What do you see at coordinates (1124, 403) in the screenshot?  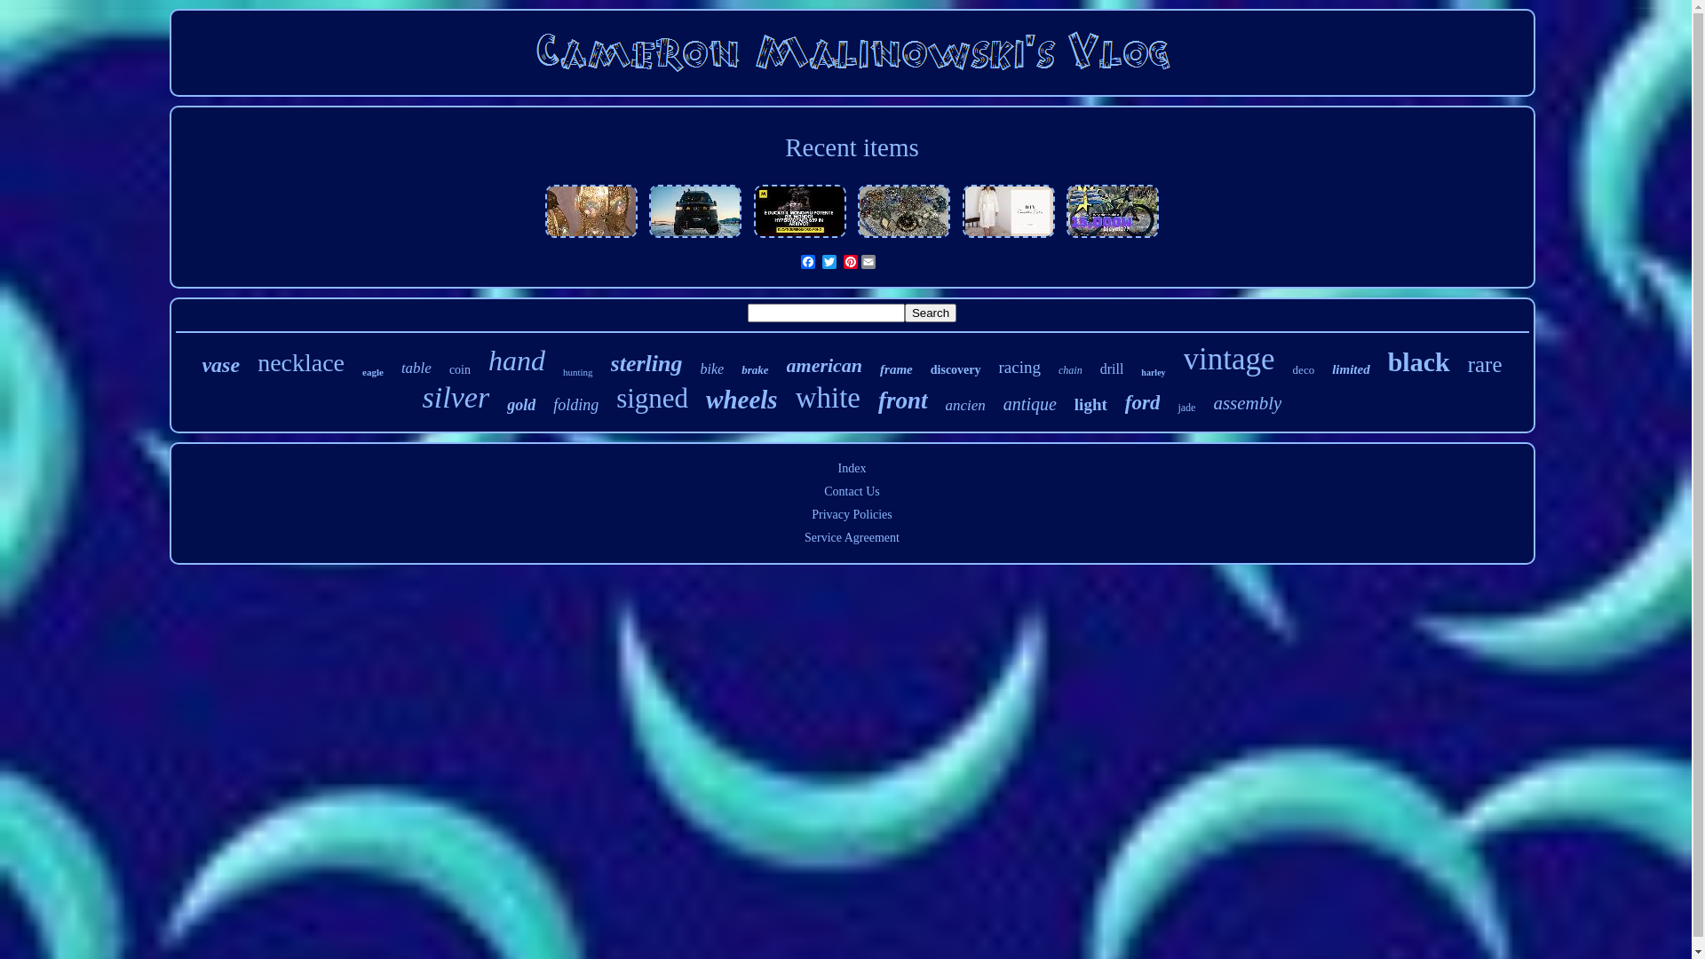 I see `'ford'` at bounding box center [1124, 403].